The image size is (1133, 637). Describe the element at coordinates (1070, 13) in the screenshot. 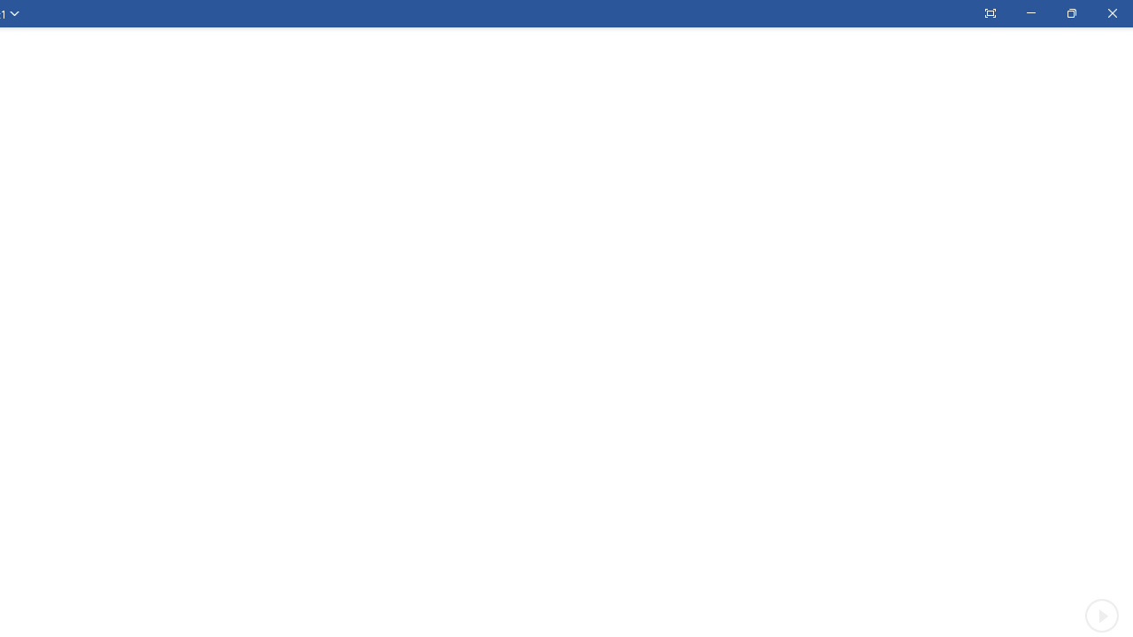

I see `'Restore Down'` at that location.